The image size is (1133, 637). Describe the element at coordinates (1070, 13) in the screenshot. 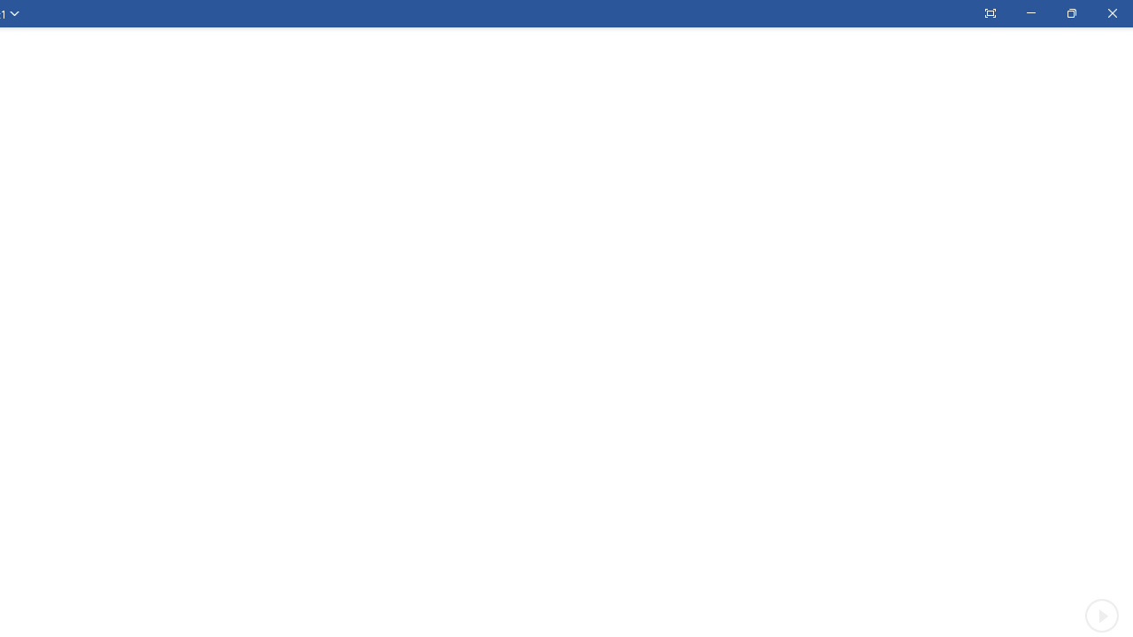

I see `'Restore Down'` at that location.